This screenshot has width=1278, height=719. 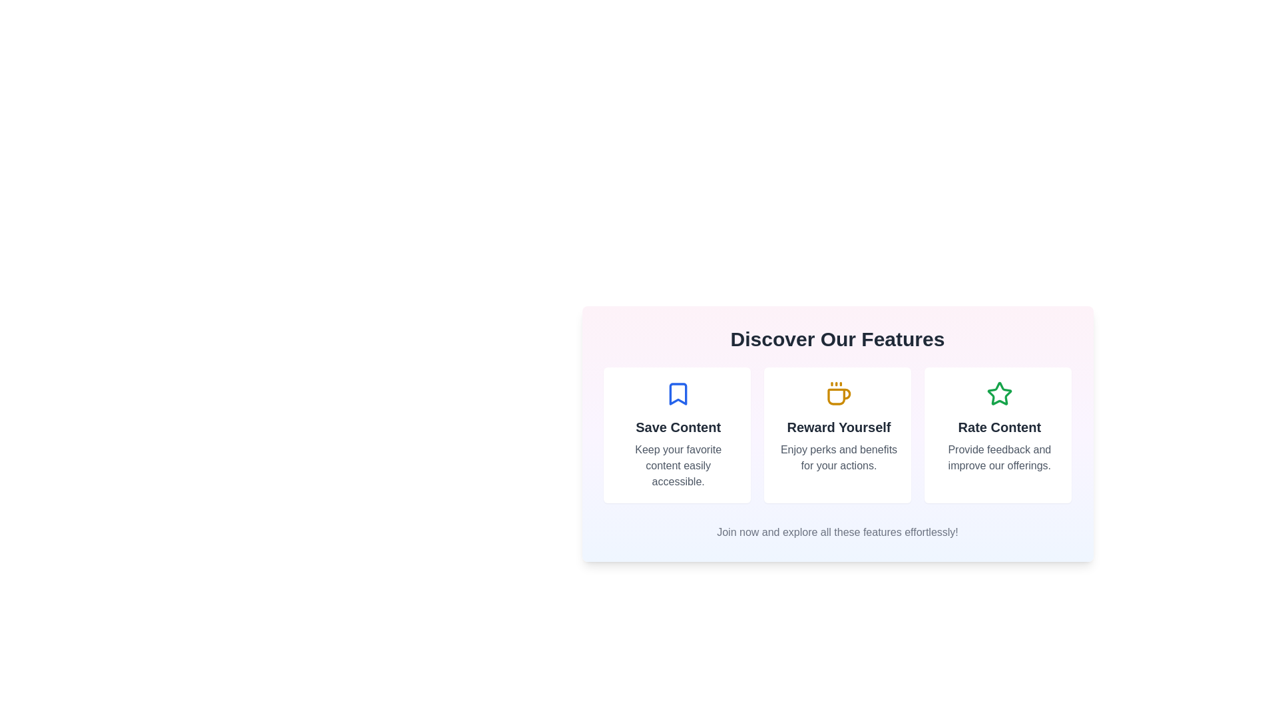 I want to click on text from the interactive card that serves as a hyperlink to a feature related to saving content, positioned at the leftmost side of the grid, so click(x=677, y=435).